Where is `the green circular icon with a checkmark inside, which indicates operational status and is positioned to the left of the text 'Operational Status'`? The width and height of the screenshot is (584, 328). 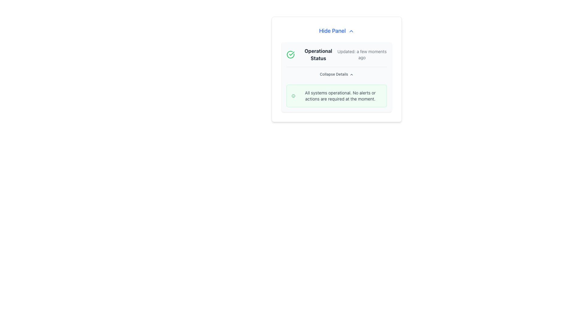
the green circular icon with a checkmark inside, which indicates operational status and is positioned to the left of the text 'Operational Status' is located at coordinates (290, 55).